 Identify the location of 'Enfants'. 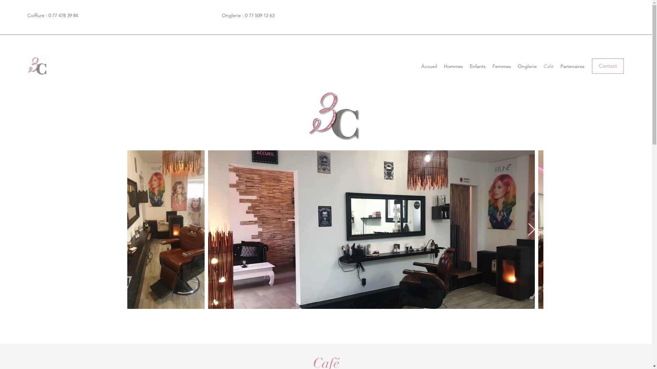
(466, 66).